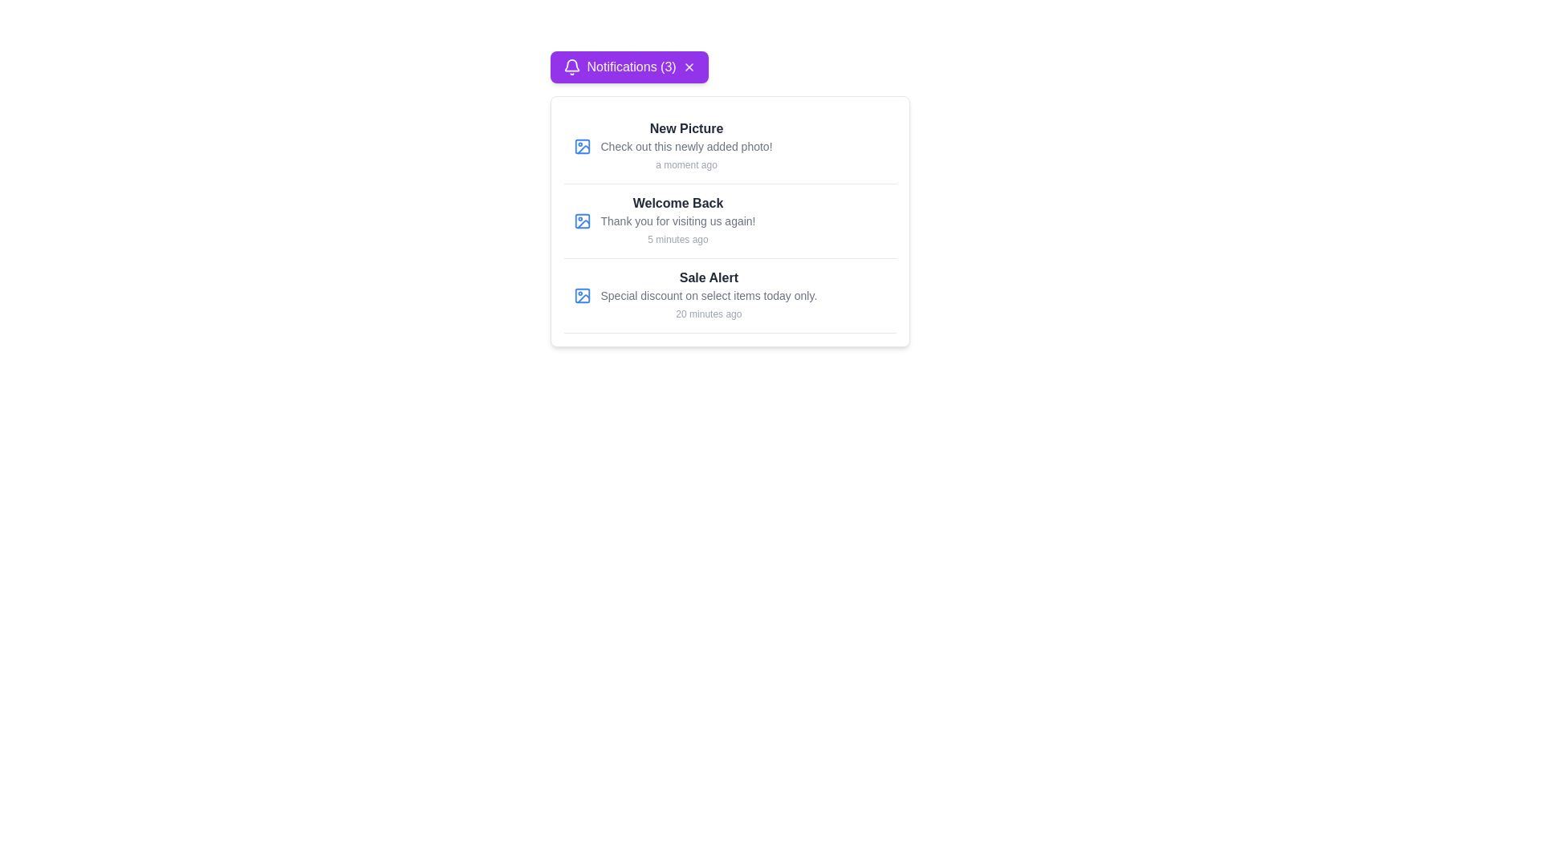 The image size is (1541, 866). Describe the element at coordinates (686, 146) in the screenshot. I see `the first notification item titled 'New Picture' in the notification list` at that location.